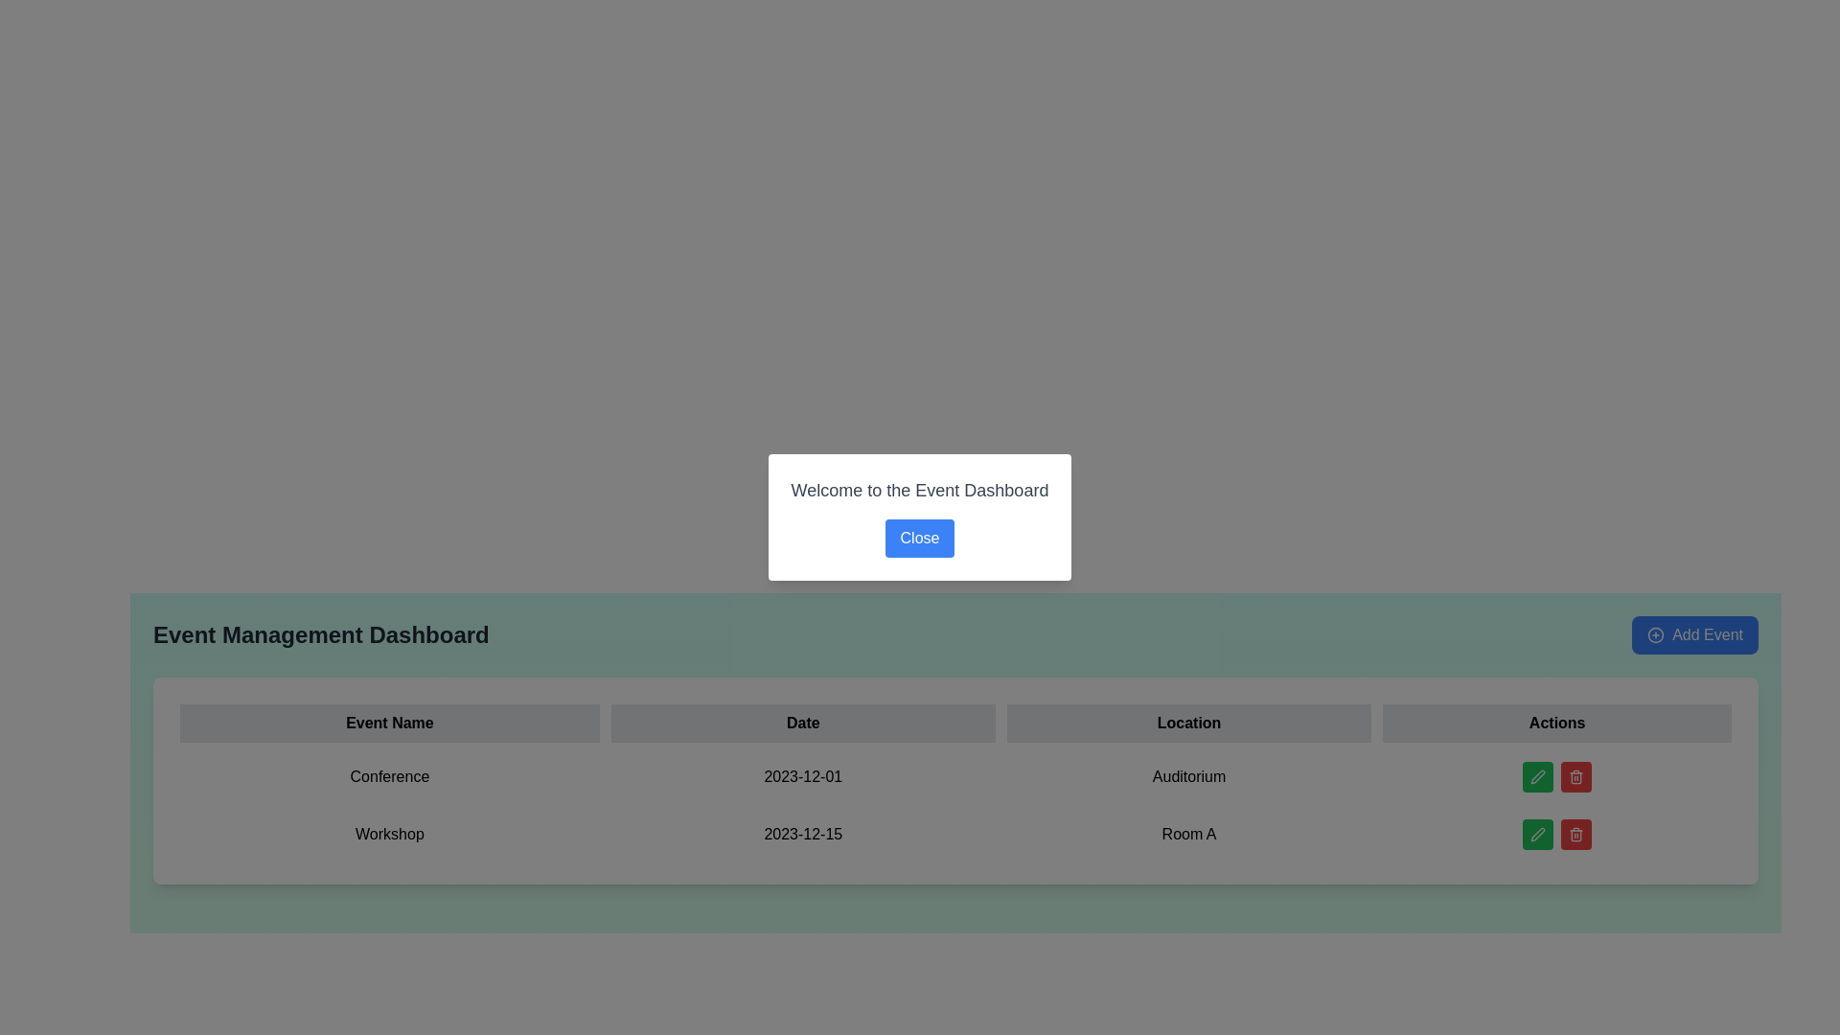 This screenshot has height=1035, width=1840. I want to click on the small green icon resembling a pen in the 'Actions' column of the second row, so click(1538, 834).